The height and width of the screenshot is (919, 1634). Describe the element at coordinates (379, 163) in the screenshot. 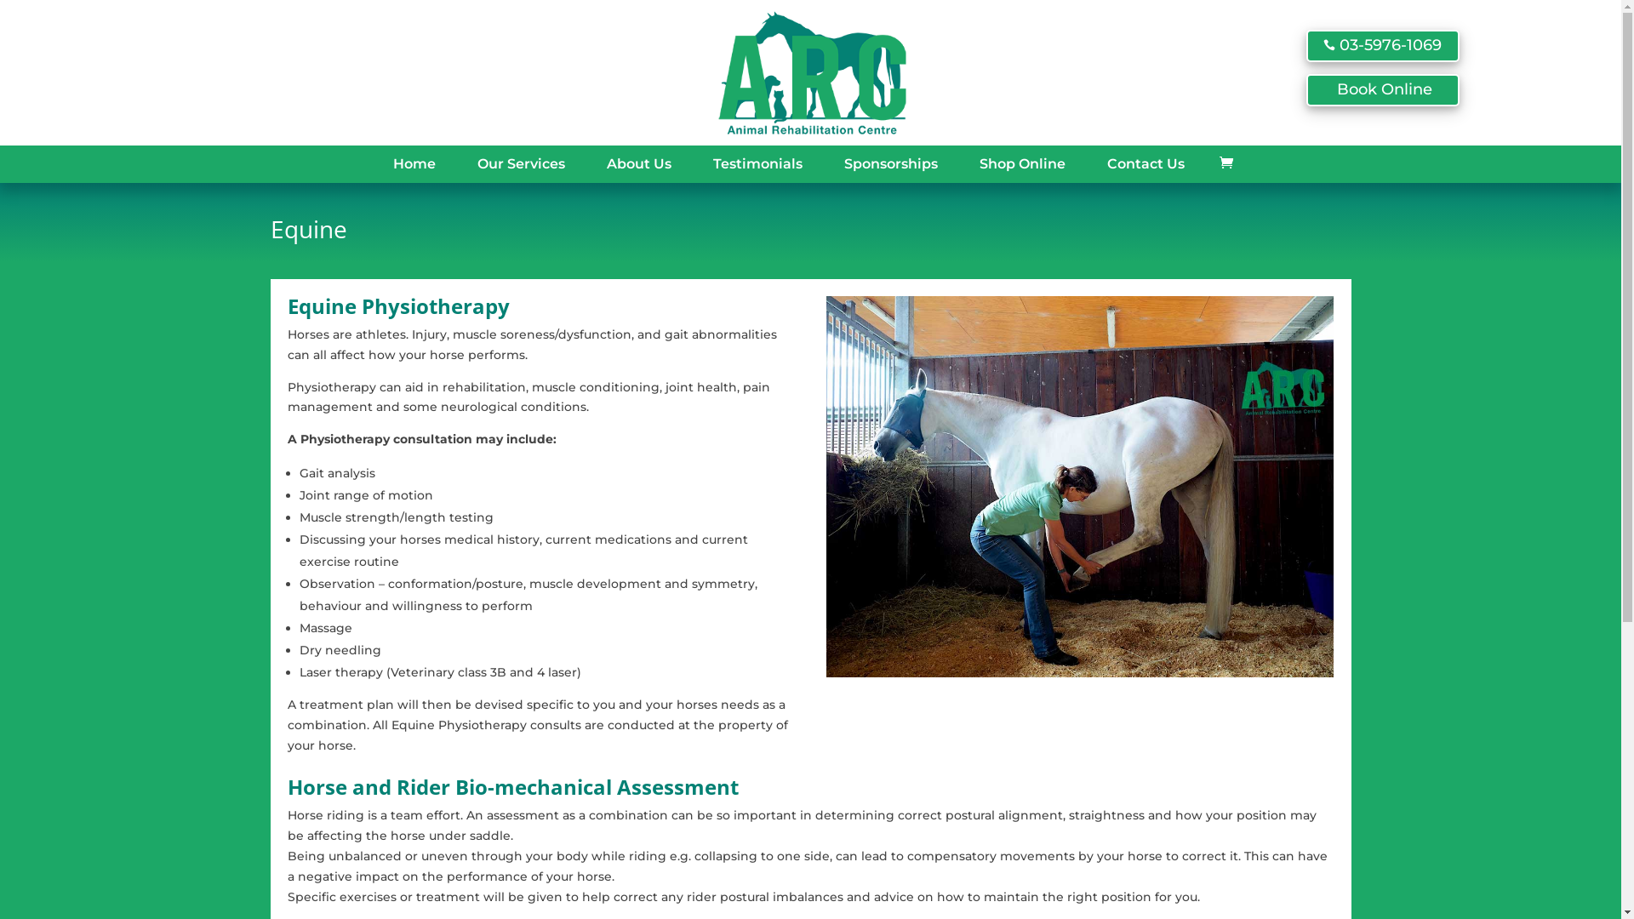

I see `'Home'` at that location.